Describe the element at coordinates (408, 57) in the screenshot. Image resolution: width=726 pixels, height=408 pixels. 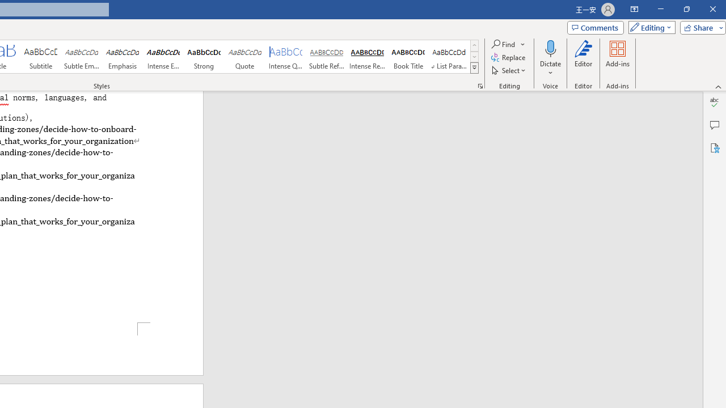
I see `'Book Title'` at that location.